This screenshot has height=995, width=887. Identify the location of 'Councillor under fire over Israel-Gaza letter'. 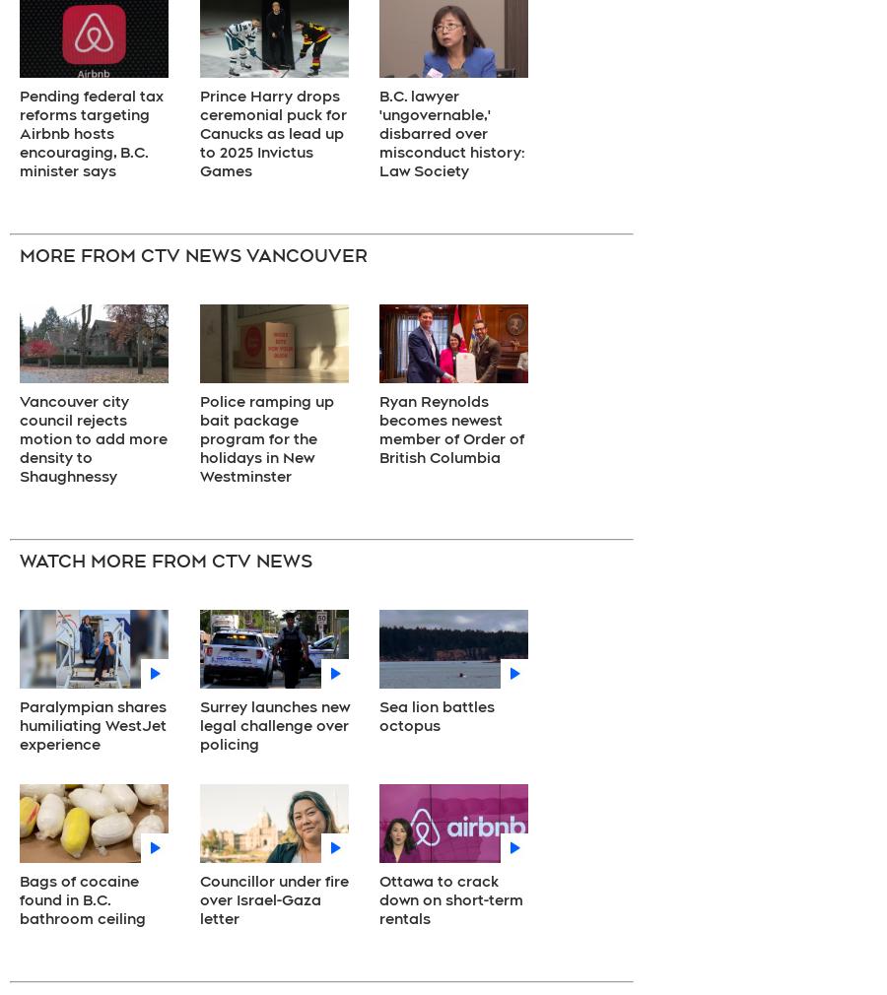
(272, 899).